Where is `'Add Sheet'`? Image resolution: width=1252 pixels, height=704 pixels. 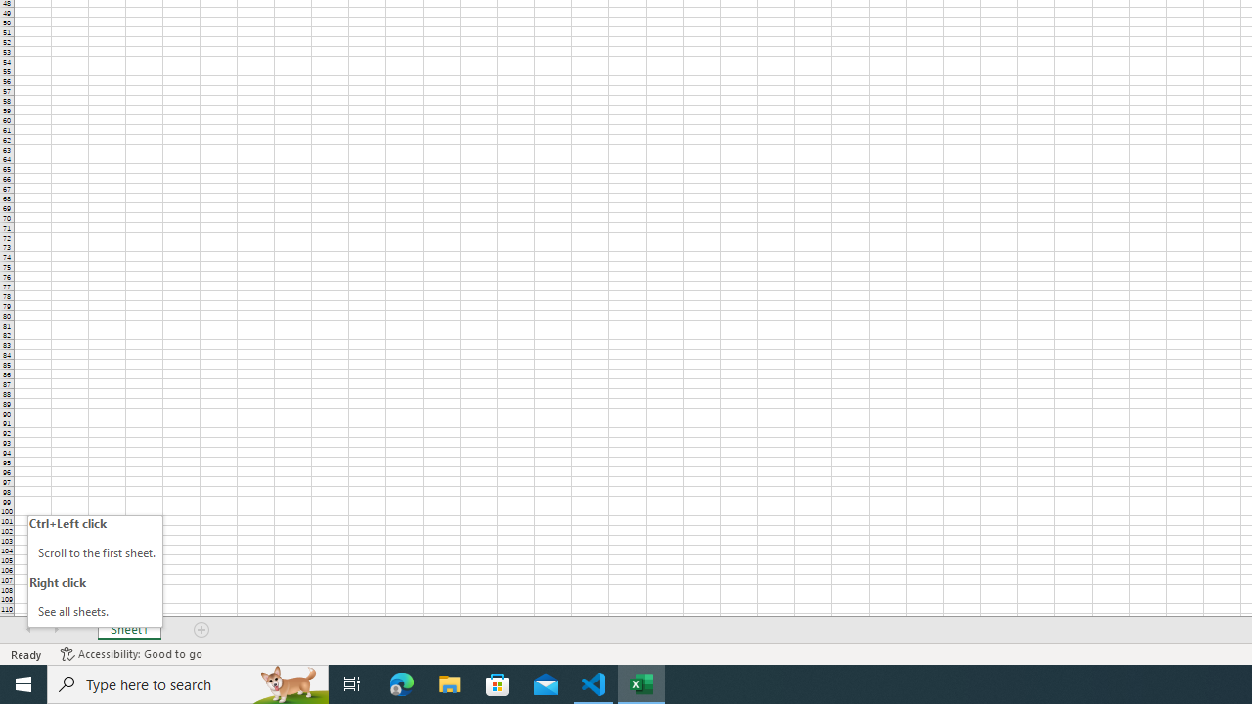 'Add Sheet' is located at coordinates (202, 630).